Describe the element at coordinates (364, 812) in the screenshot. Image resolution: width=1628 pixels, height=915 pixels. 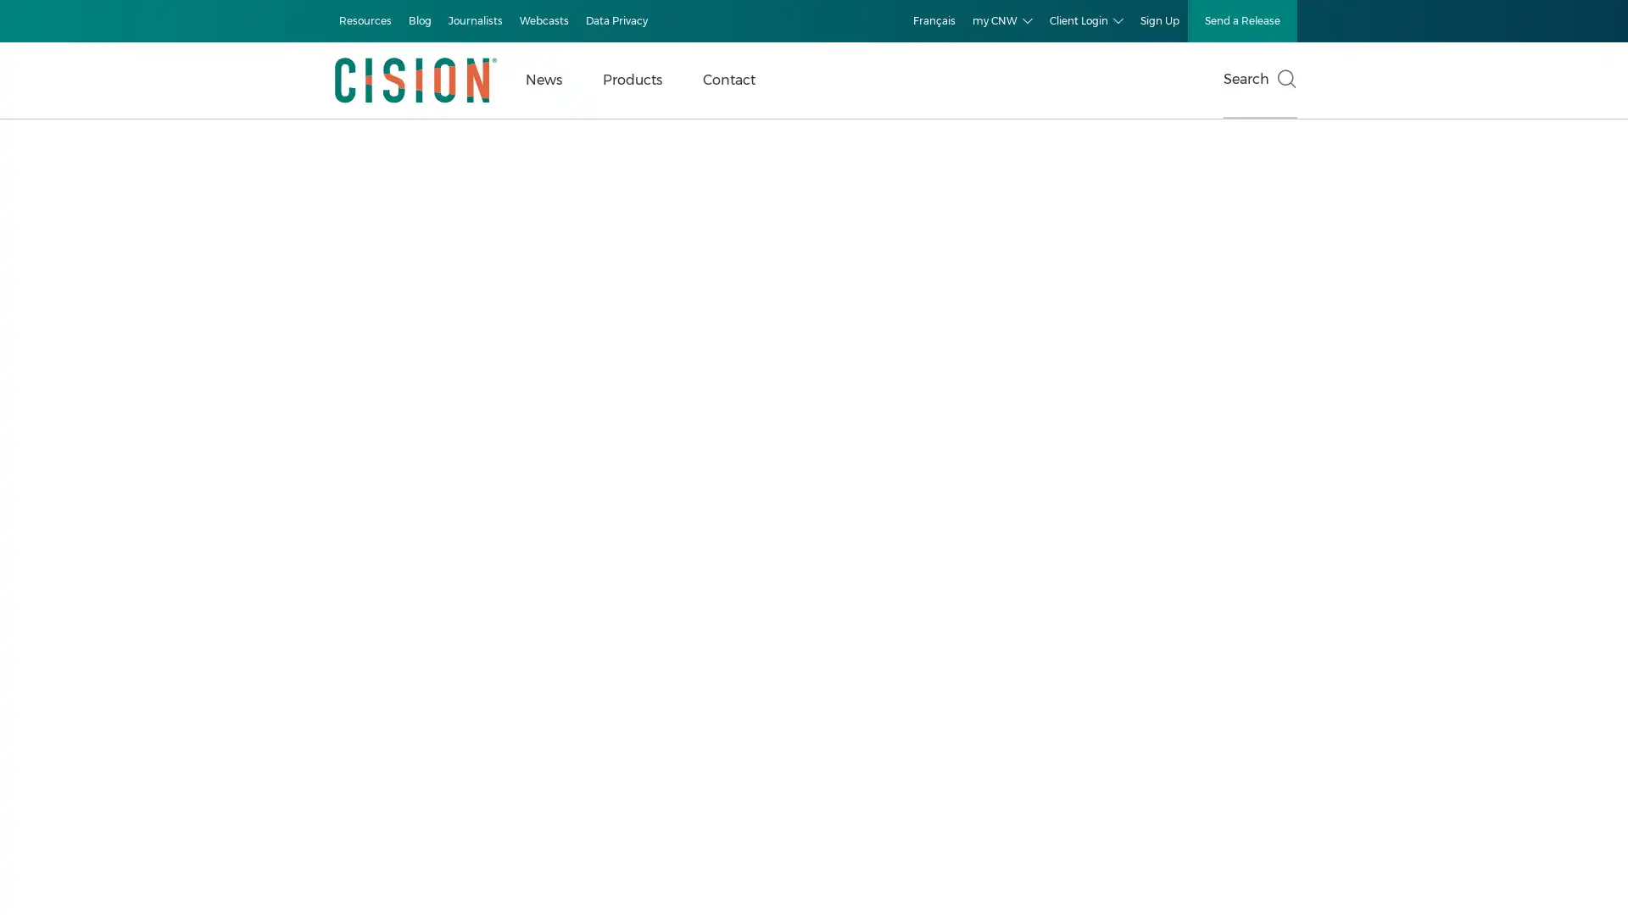
I see `Contact Us` at that location.